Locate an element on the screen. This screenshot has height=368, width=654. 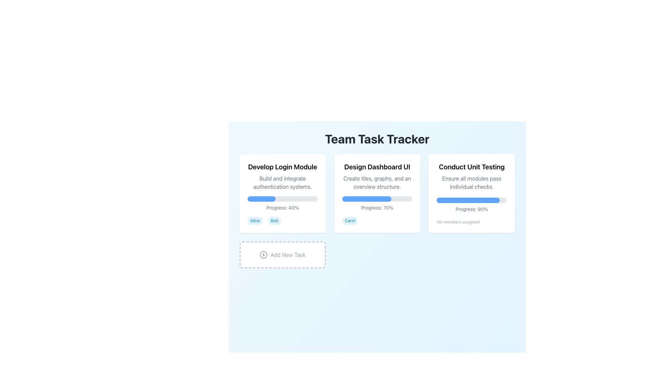
the central task card in the team task tracker application is located at coordinates (377, 211).